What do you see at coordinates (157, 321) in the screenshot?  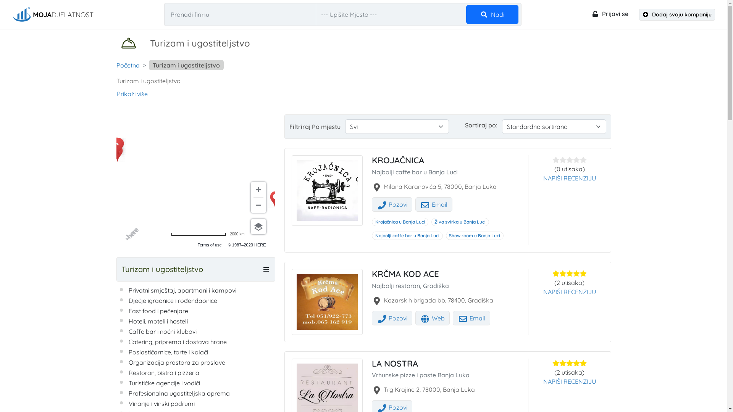 I see `'Hoteli, moteli i hosteli'` at bounding box center [157, 321].